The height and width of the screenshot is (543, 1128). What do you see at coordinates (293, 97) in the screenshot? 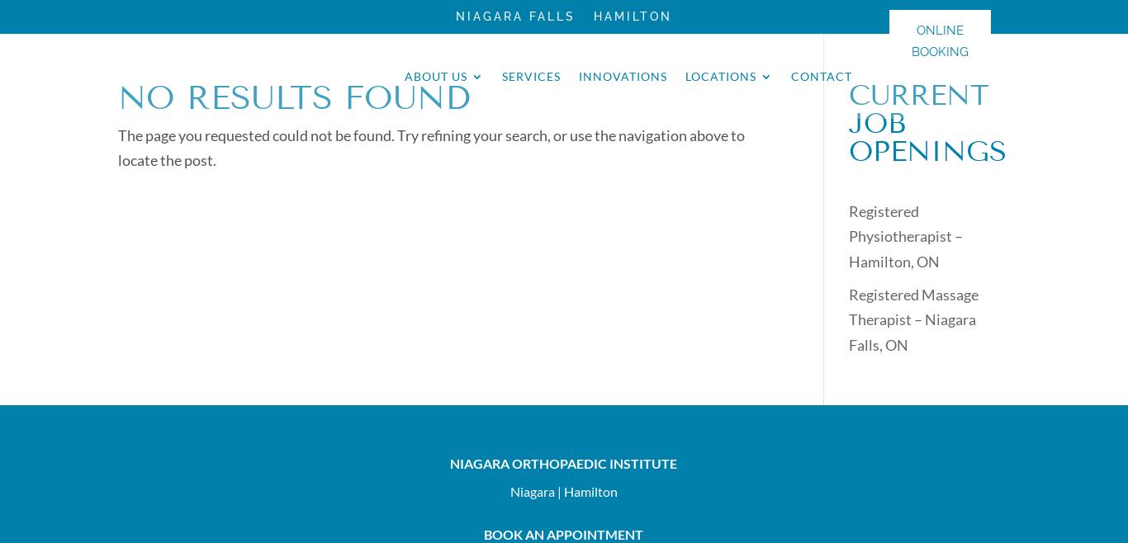
I see `'No Results Found'` at bounding box center [293, 97].